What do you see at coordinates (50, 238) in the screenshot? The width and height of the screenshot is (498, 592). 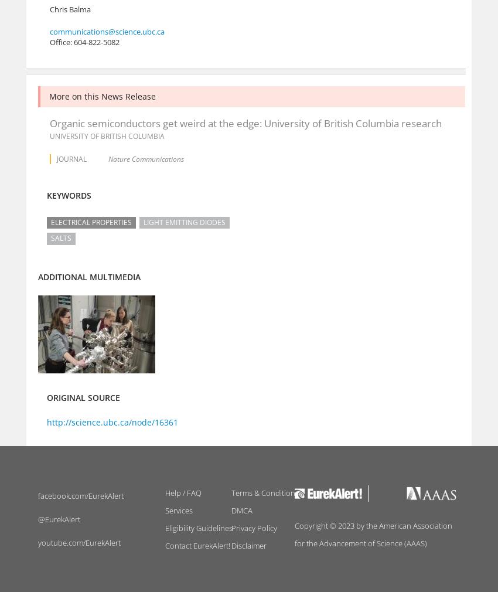 I see `'Salts'` at bounding box center [50, 238].